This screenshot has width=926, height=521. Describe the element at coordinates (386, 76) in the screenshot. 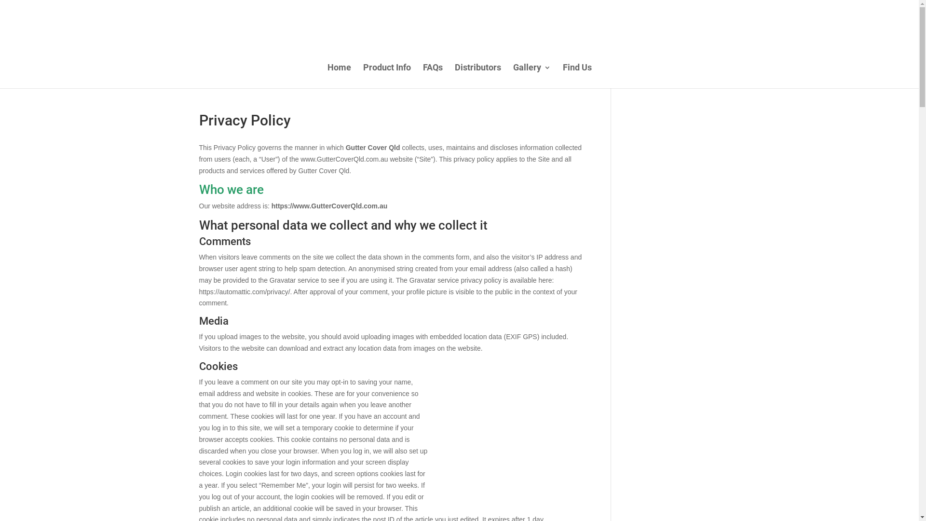

I see `'Product Info'` at that location.